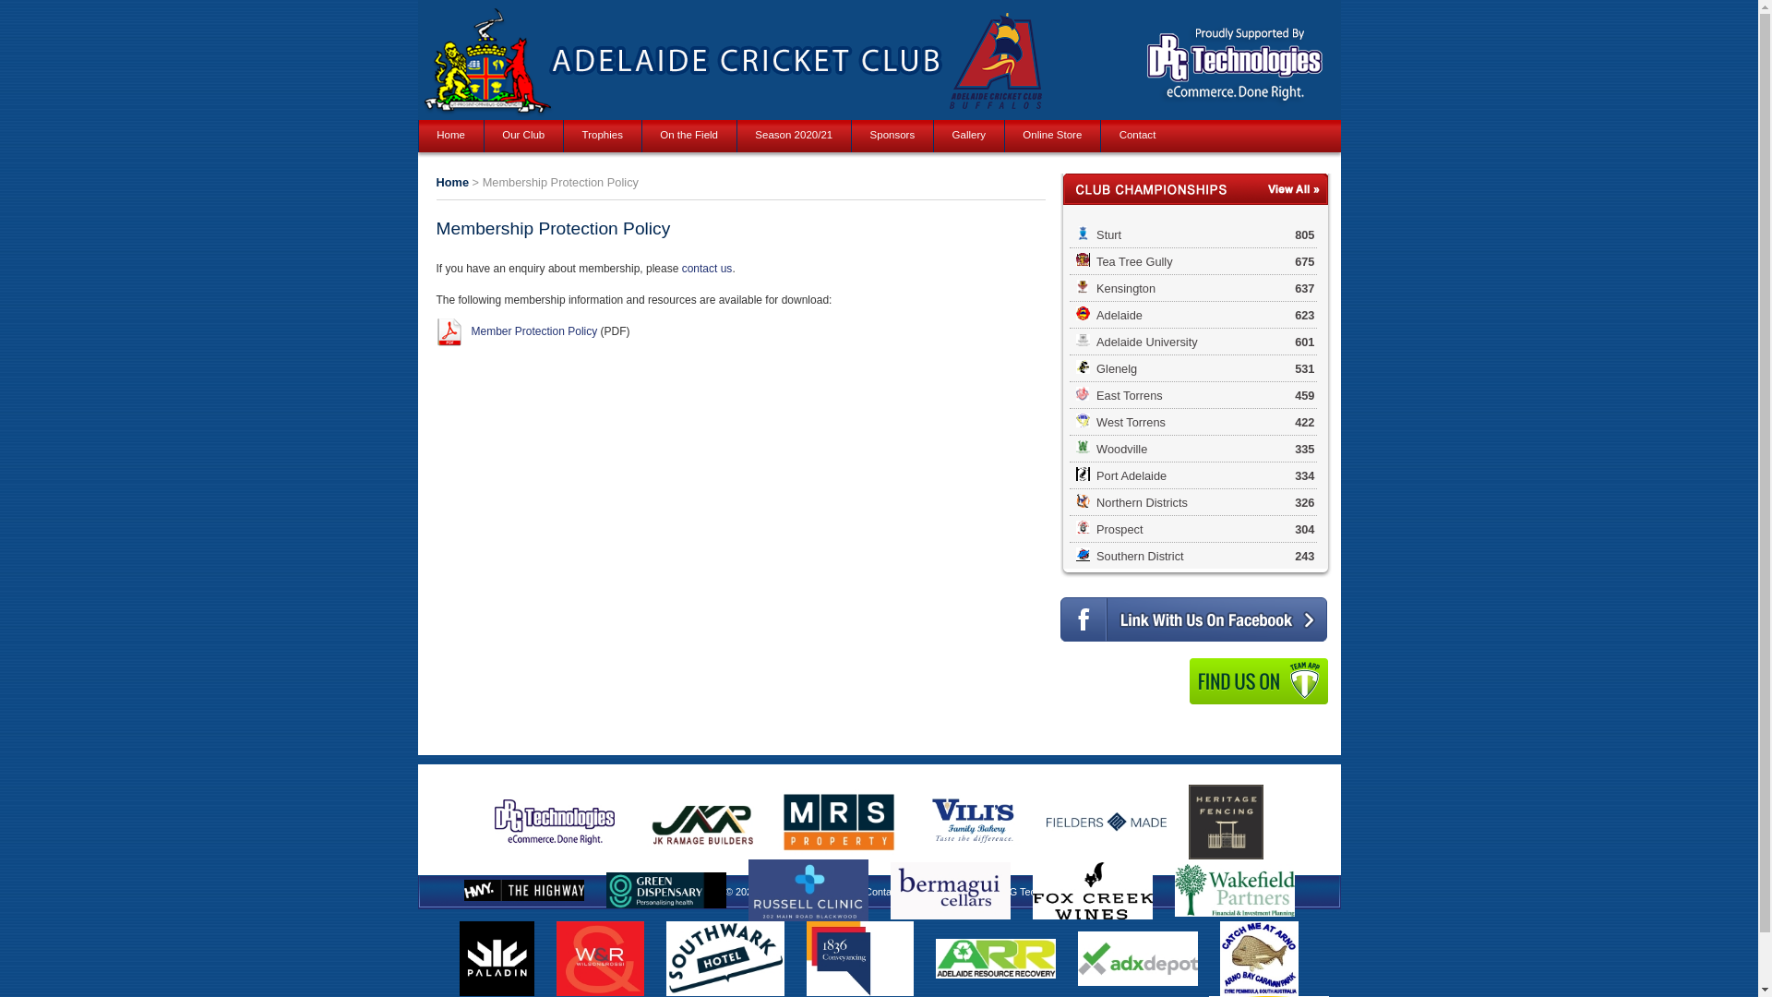 This screenshot has width=1772, height=997. I want to click on 'Home', so click(451, 182).